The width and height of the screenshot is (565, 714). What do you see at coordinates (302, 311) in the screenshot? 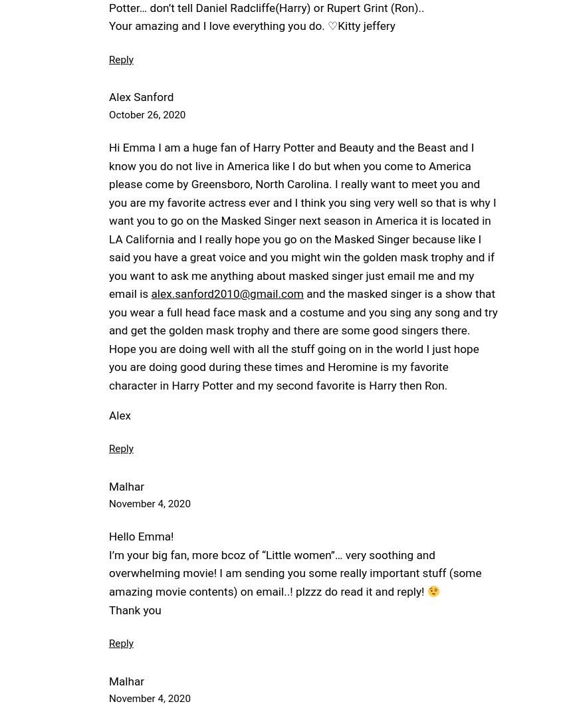
I see `'and the masked singer is a show that you wear a full head face mask and a costume and you sing any song and try and get the golden mask trophy and there are some good singers there.'` at bounding box center [302, 311].